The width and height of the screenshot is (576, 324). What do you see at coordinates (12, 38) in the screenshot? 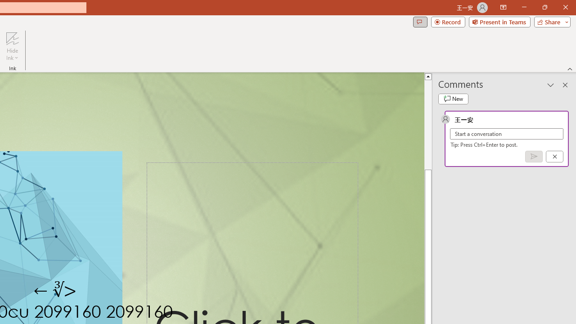
I see `'Hide Ink'` at bounding box center [12, 38].